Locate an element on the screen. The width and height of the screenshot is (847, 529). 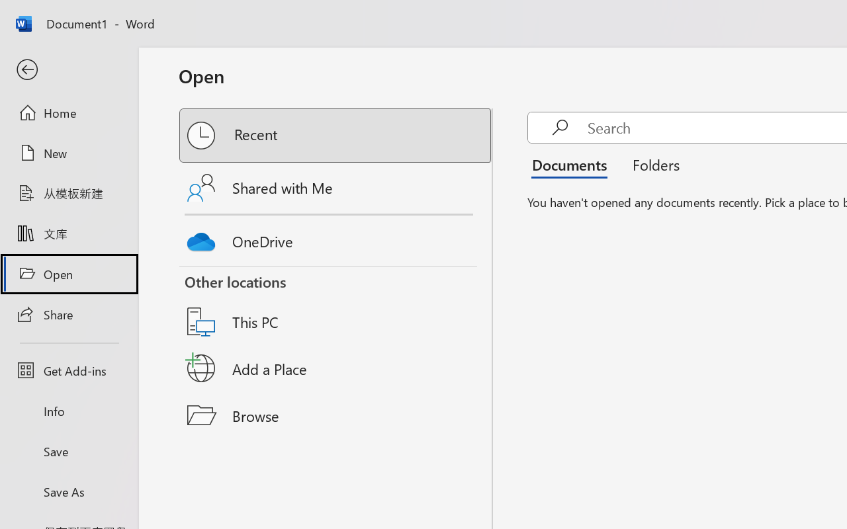
'Info' is located at coordinates (68, 411).